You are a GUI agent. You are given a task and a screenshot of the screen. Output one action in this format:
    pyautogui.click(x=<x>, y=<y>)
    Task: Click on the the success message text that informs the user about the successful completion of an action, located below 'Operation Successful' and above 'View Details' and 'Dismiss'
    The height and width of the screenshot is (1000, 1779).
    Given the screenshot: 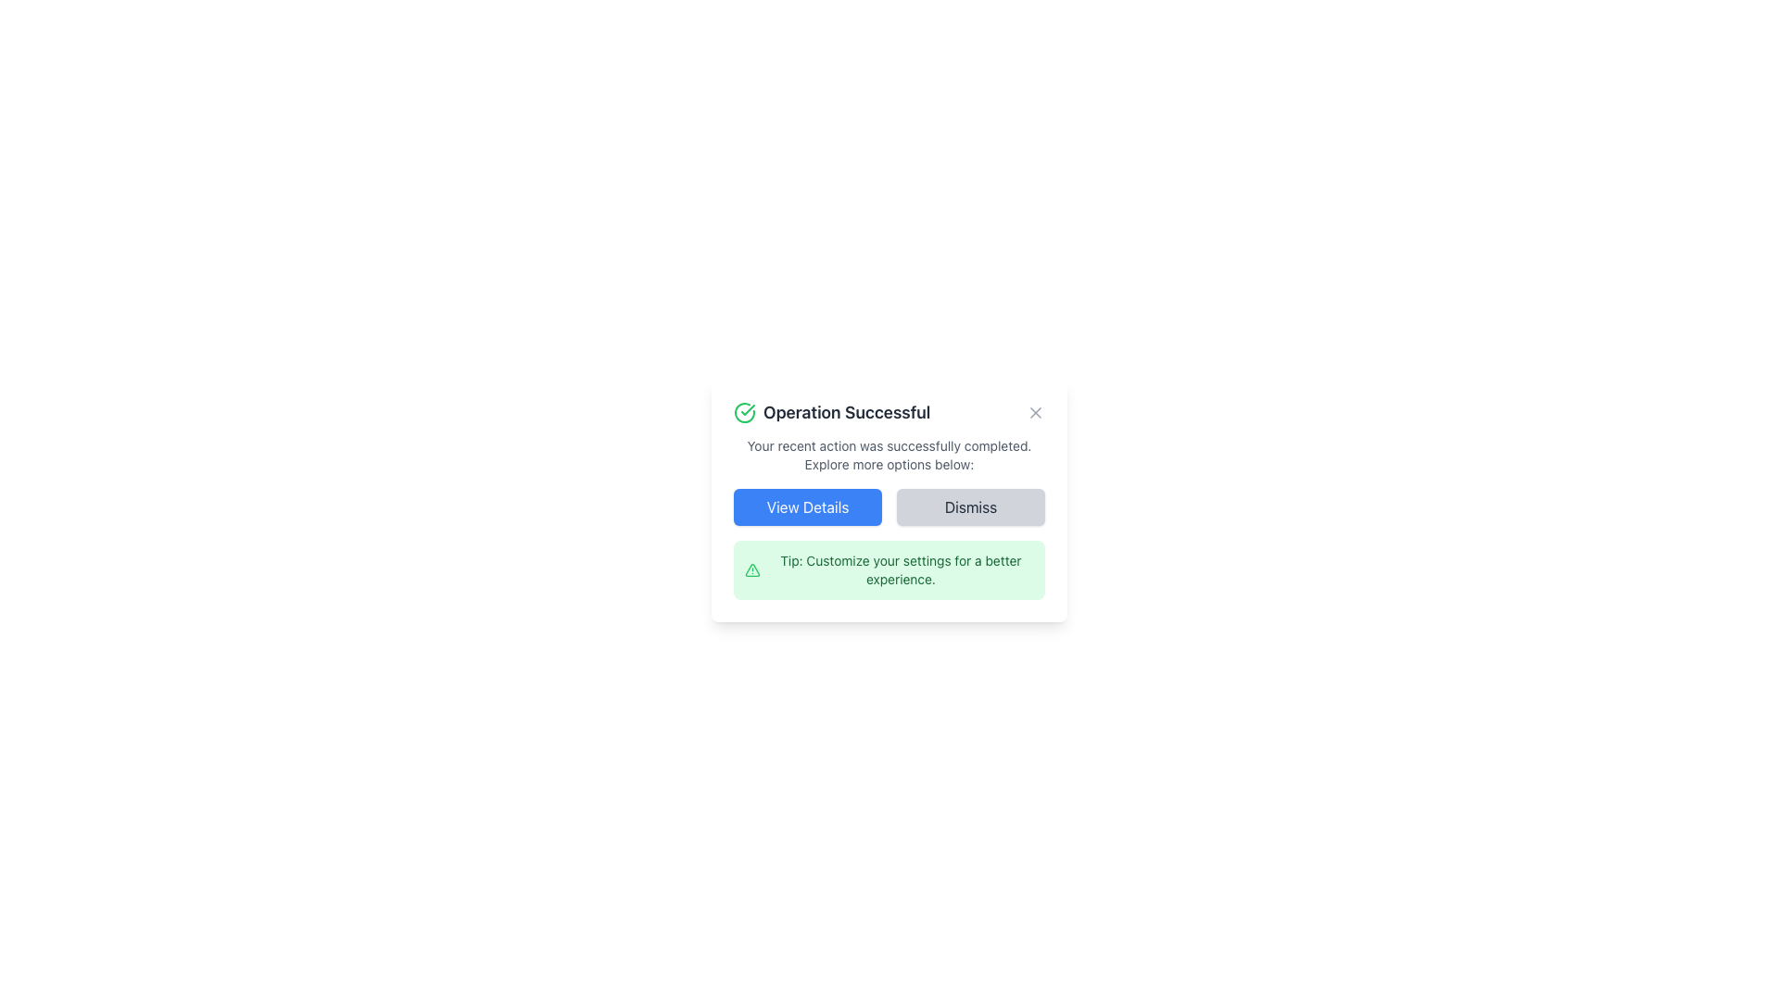 What is the action you would take?
    pyautogui.click(x=889, y=456)
    